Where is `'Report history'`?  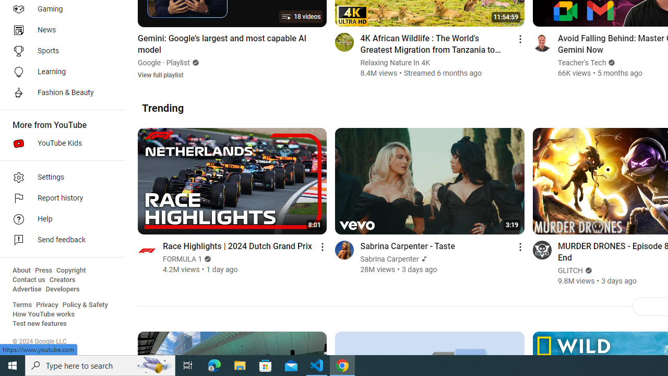 'Report history' is located at coordinates (58, 198).